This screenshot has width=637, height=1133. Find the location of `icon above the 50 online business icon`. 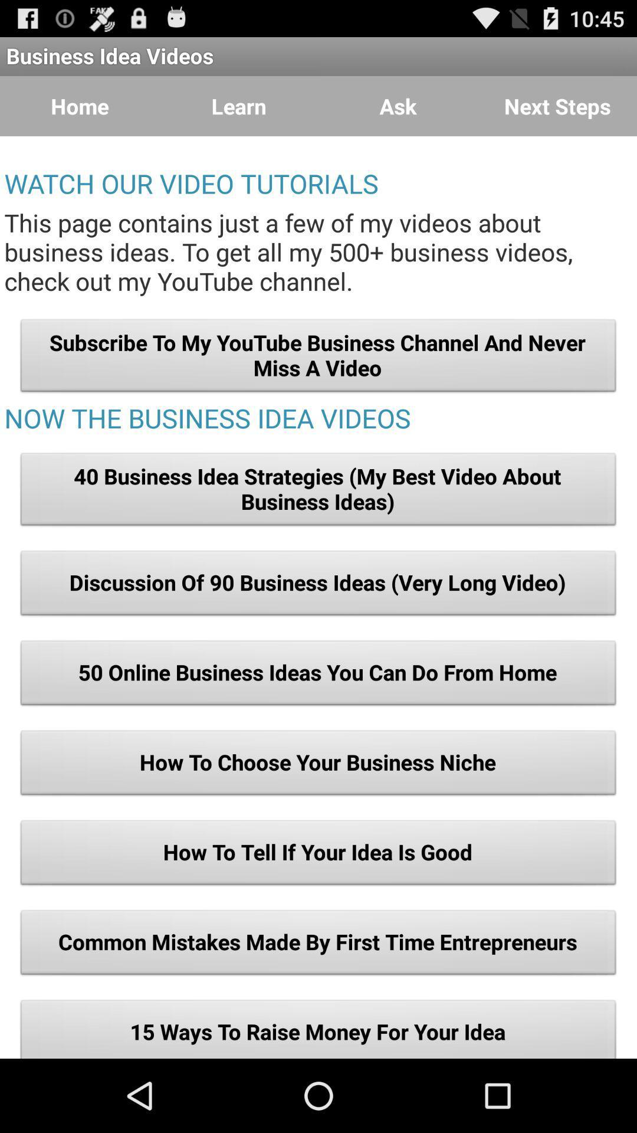

icon above the 50 online business icon is located at coordinates (318, 586).